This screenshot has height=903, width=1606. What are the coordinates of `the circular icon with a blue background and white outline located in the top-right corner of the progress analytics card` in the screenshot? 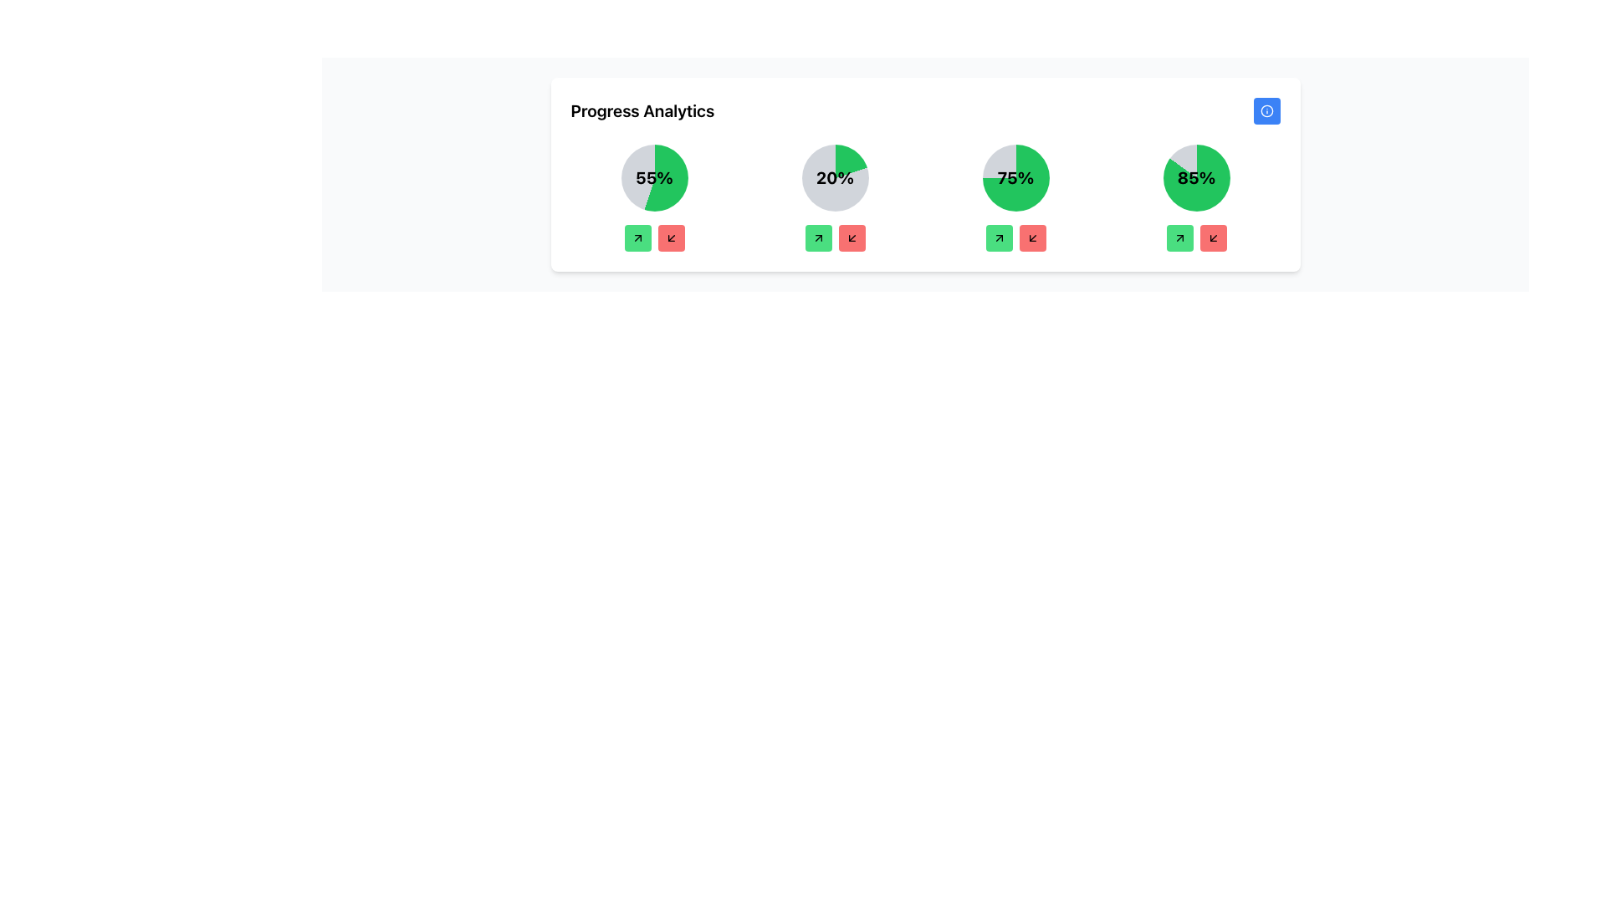 It's located at (1266, 110).